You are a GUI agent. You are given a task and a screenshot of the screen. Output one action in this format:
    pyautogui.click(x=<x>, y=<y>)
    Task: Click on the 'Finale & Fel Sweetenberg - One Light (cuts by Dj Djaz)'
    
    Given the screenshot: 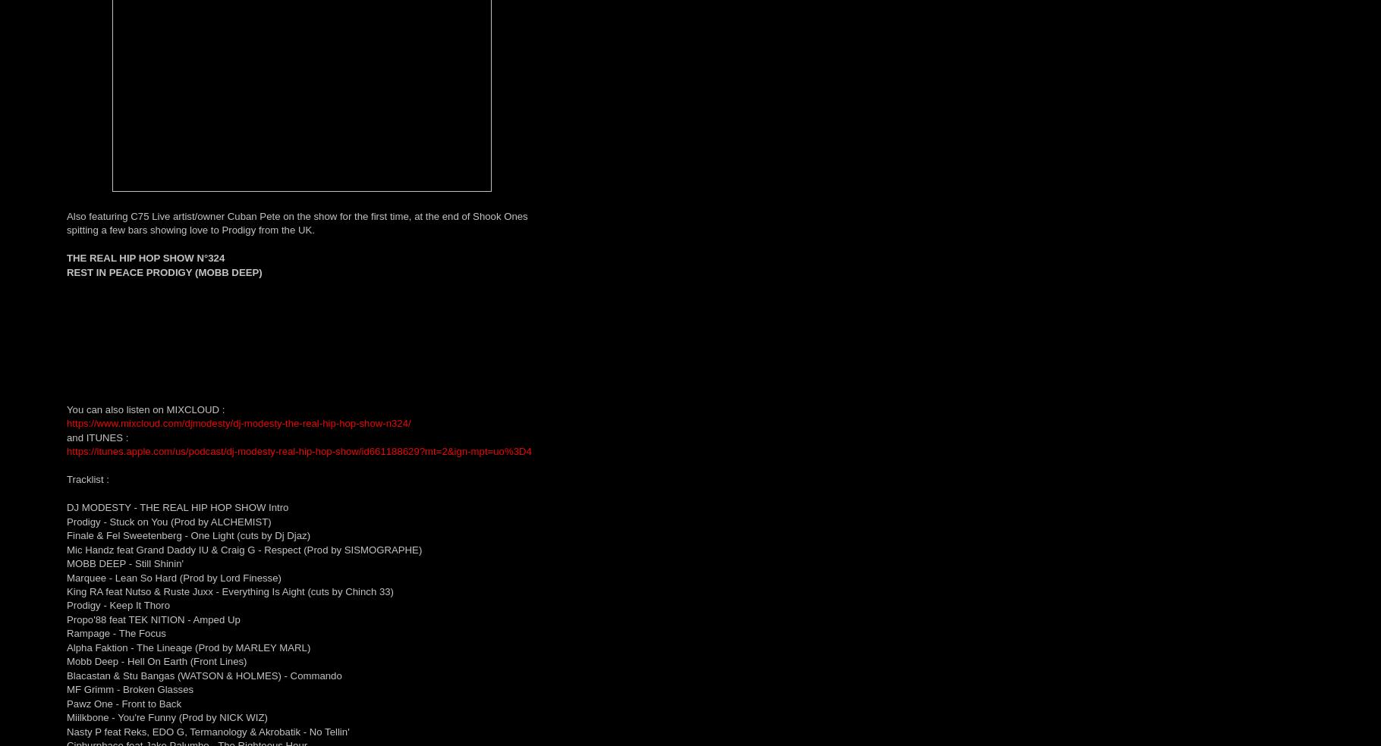 What is the action you would take?
    pyautogui.click(x=187, y=535)
    